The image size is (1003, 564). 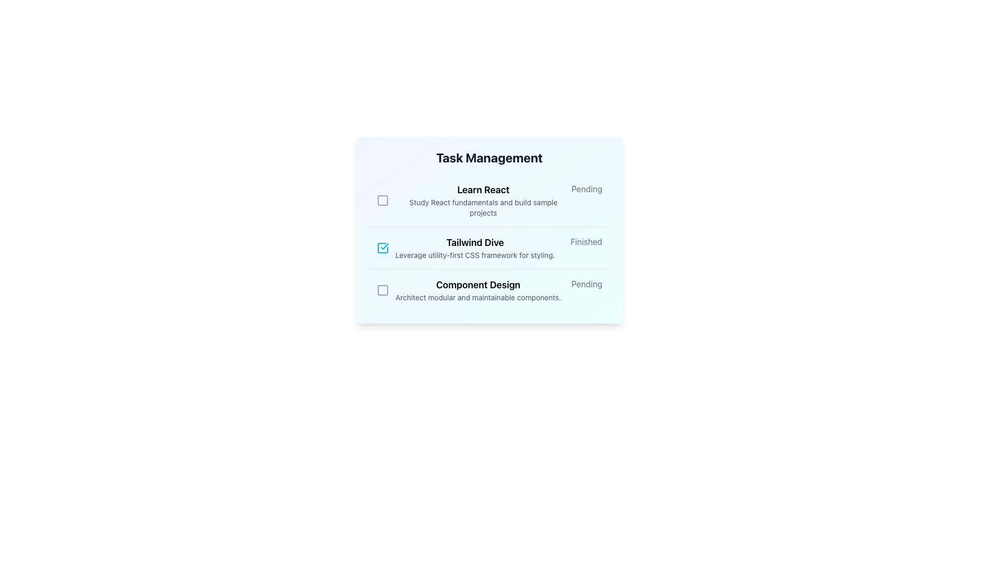 What do you see at coordinates (473, 201) in the screenshot?
I see `text of the first item in the 'Task Management' section, which includes the title 'Learn React' and the subtitle 'Study React fundamentals and build sample projects'` at bounding box center [473, 201].